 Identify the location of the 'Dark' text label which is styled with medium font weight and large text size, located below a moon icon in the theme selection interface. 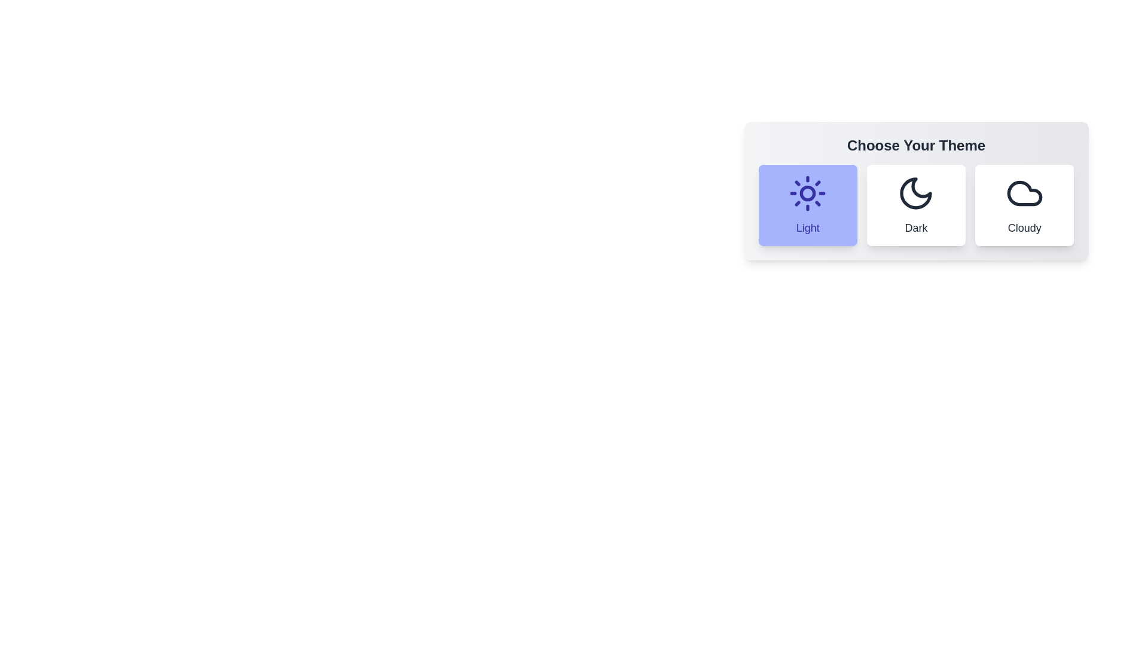
(915, 228).